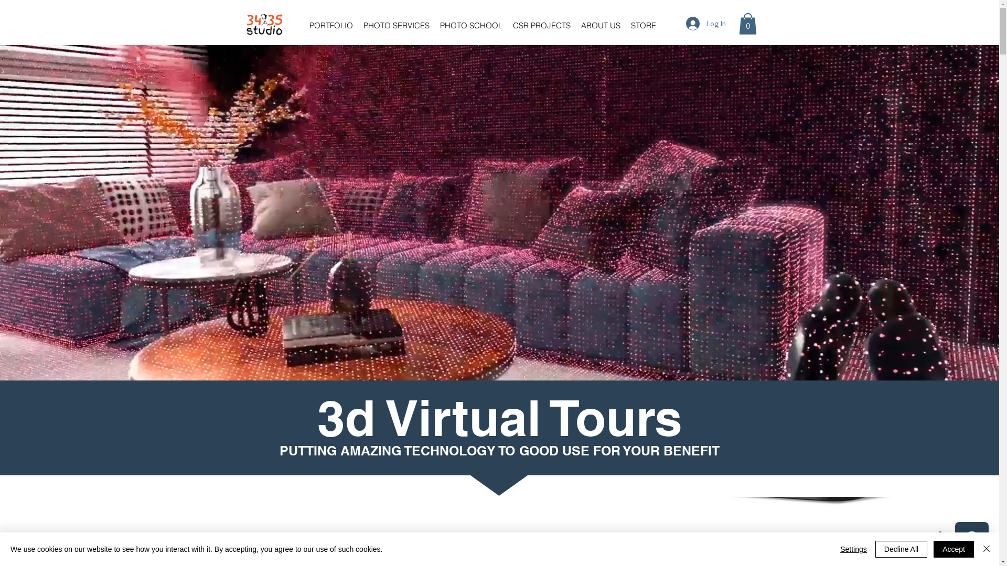 This screenshot has height=566, width=1007. Describe the element at coordinates (601, 25) in the screenshot. I see `'ABOUT US'` at that location.